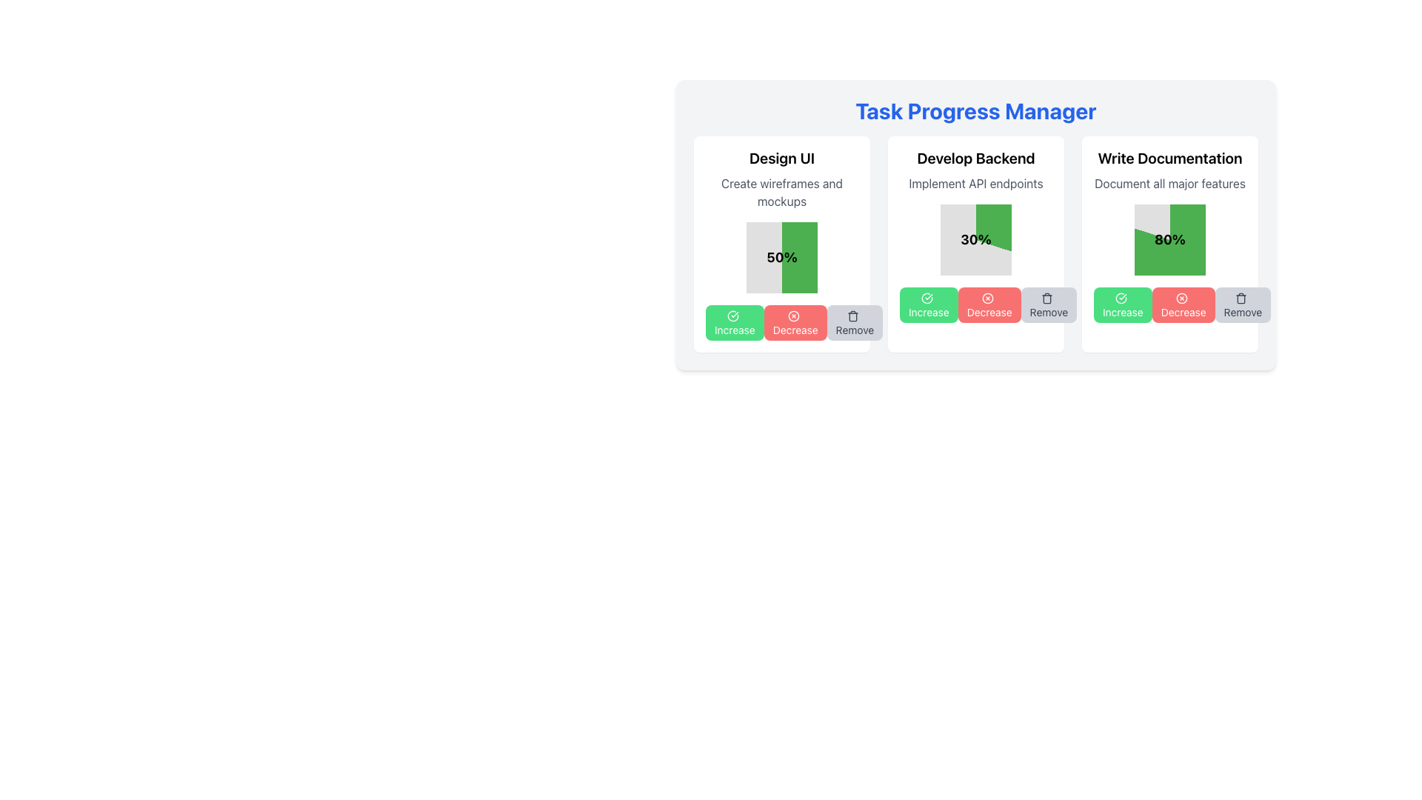 The image size is (1422, 800). Describe the element at coordinates (781, 244) in the screenshot. I see `the circular progress chart in the 'Design UI' card` at that location.